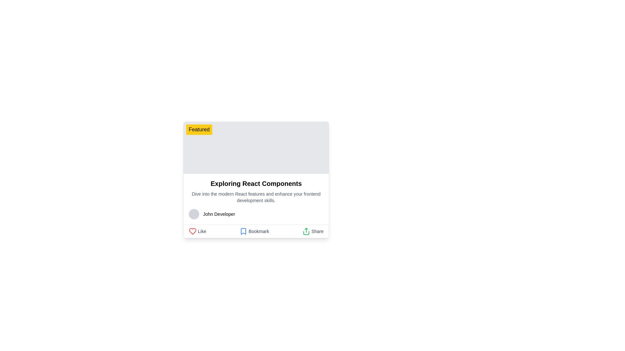 Image resolution: width=625 pixels, height=351 pixels. I want to click on the Label text that describes the bookmark action, located in the toolbar at the bottom of the card, positioned to the right of the blue bookmark icon and left of the 'Share' option, so click(258, 231).